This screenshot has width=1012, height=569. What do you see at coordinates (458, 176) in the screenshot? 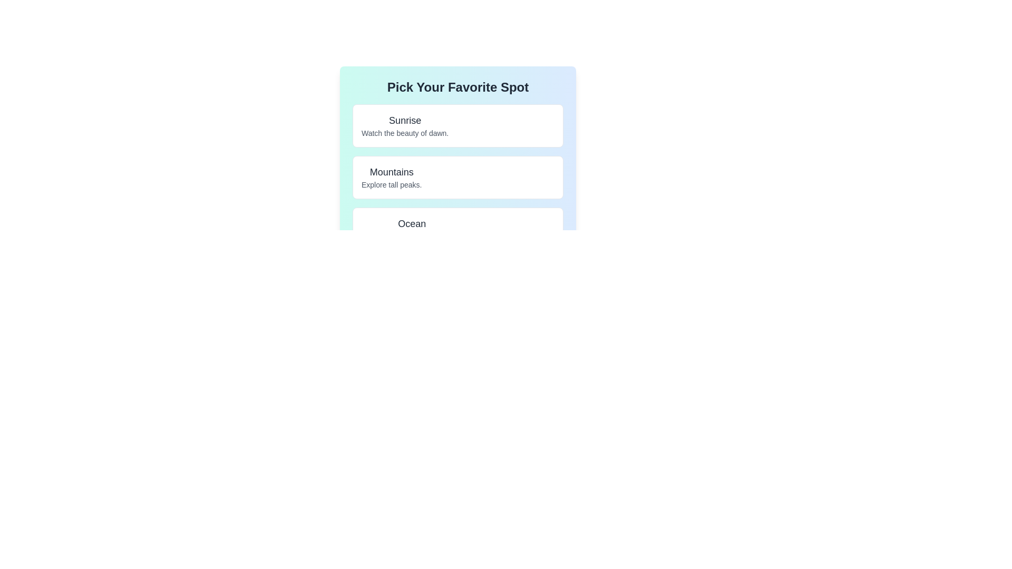
I see `the 'Mountains' selectable card, which is the second in a vertical list of options between 'Sunrise' and 'Ocean'` at bounding box center [458, 176].